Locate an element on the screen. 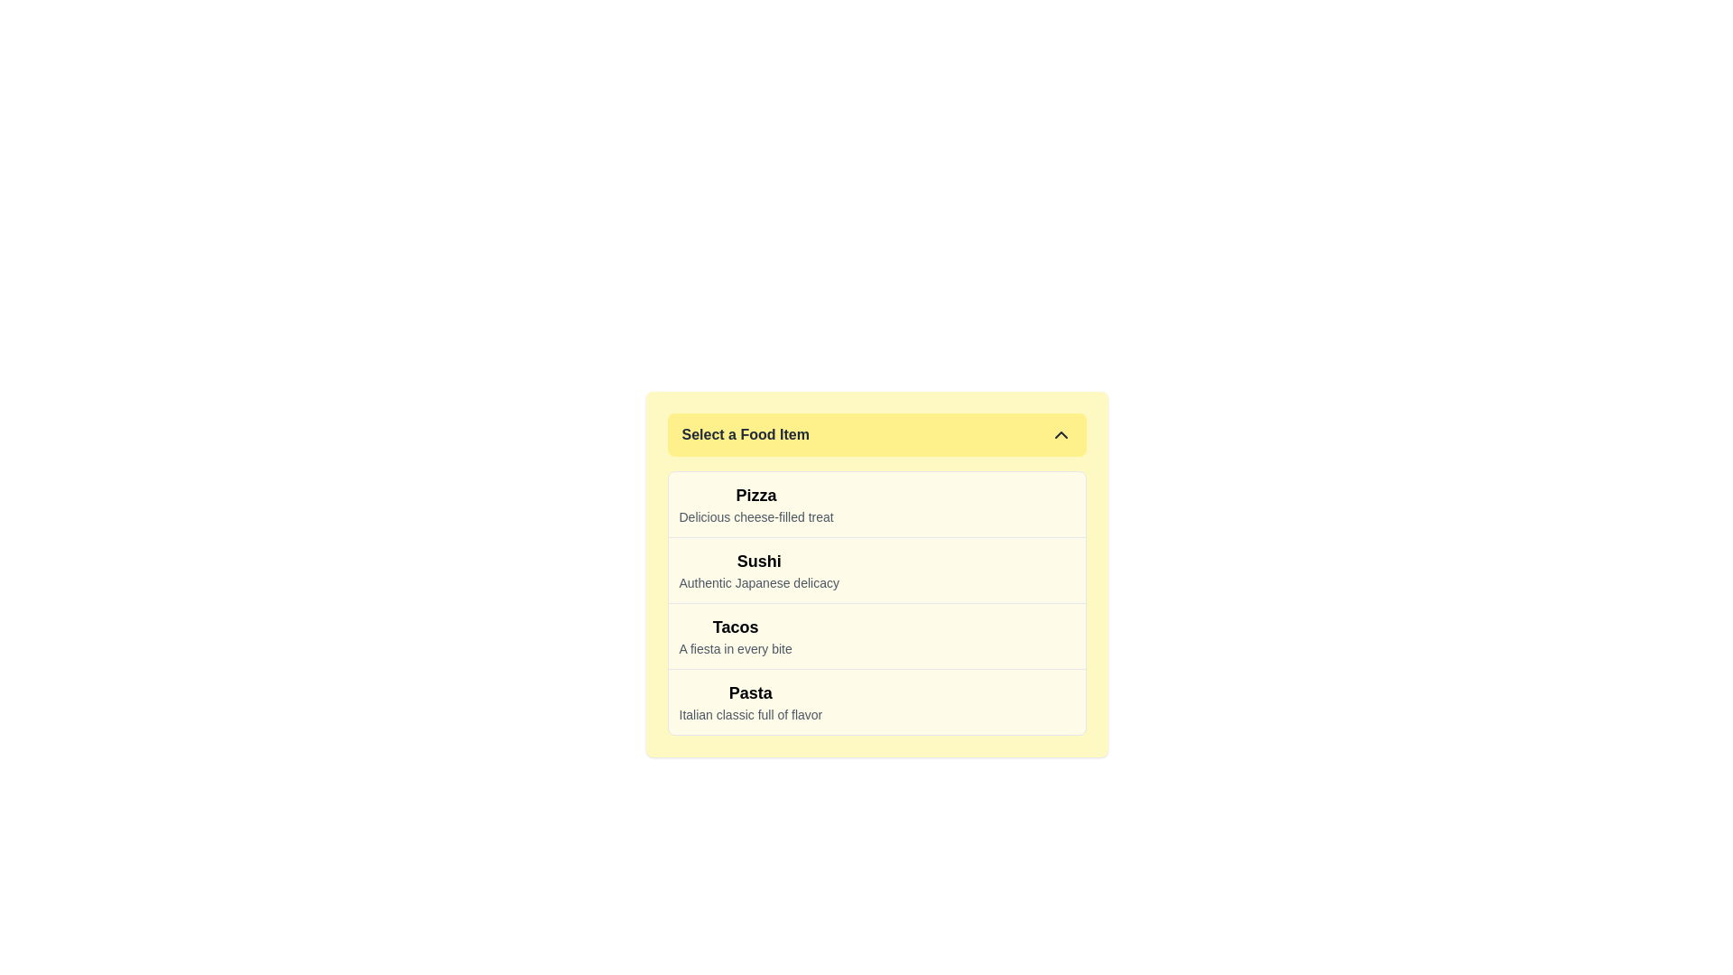 The width and height of the screenshot is (1733, 975). the list item titled 'Tacos' with the subtitle 'A fiesta in every bite' is located at coordinates (736, 636).